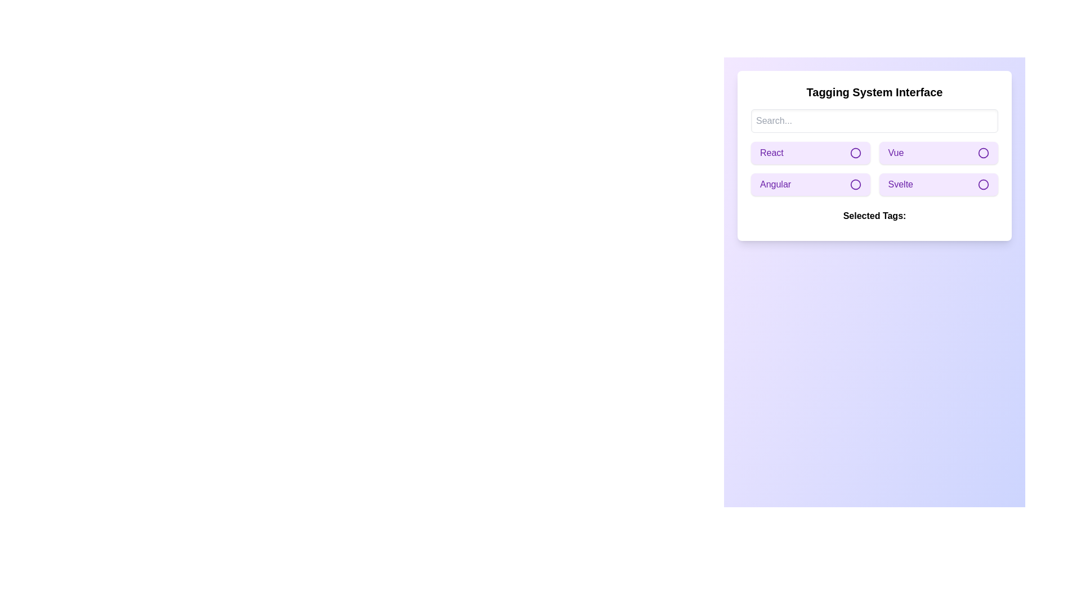  What do you see at coordinates (983, 153) in the screenshot?
I see `the circular radio button indicator inside the purple-colored box labeled 'Vue' for its selection state` at bounding box center [983, 153].